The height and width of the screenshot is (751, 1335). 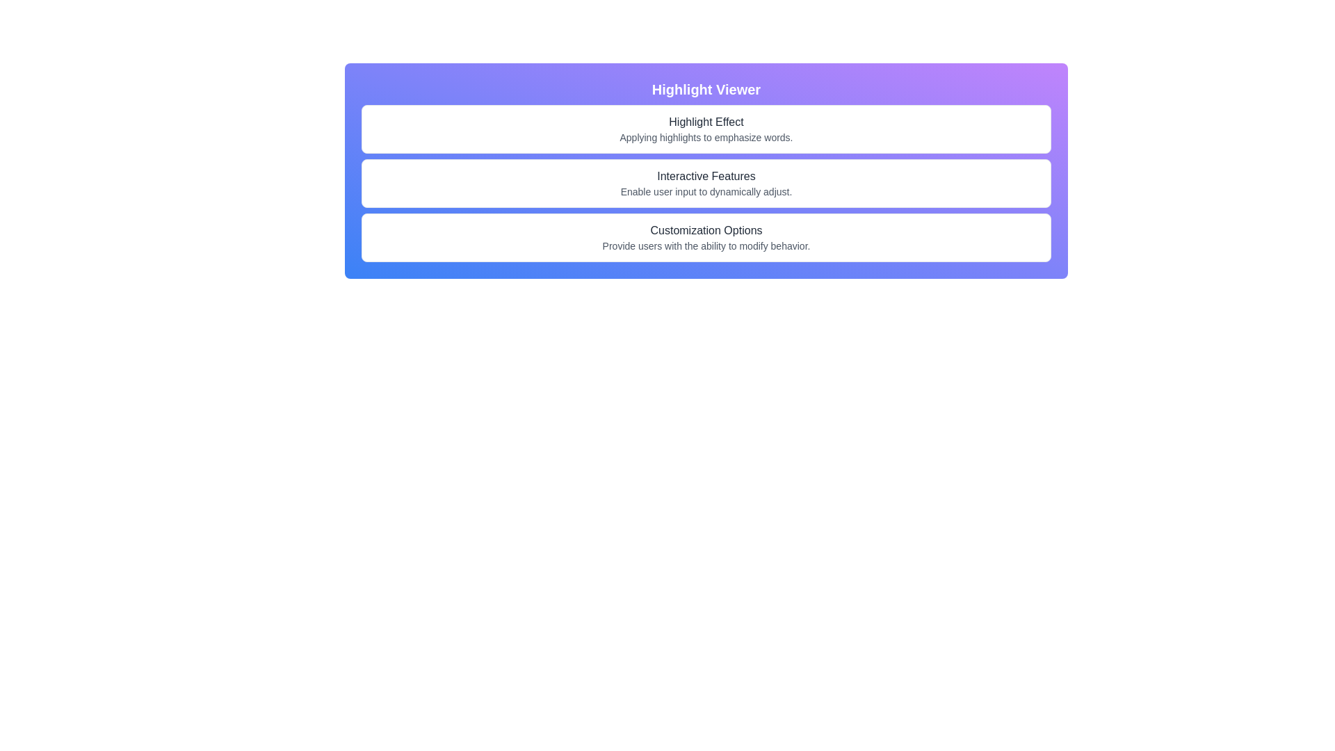 I want to click on the text element representing the letter 's' in 'Customization Options', which is located in the third row of a list of options, so click(x=759, y=229).